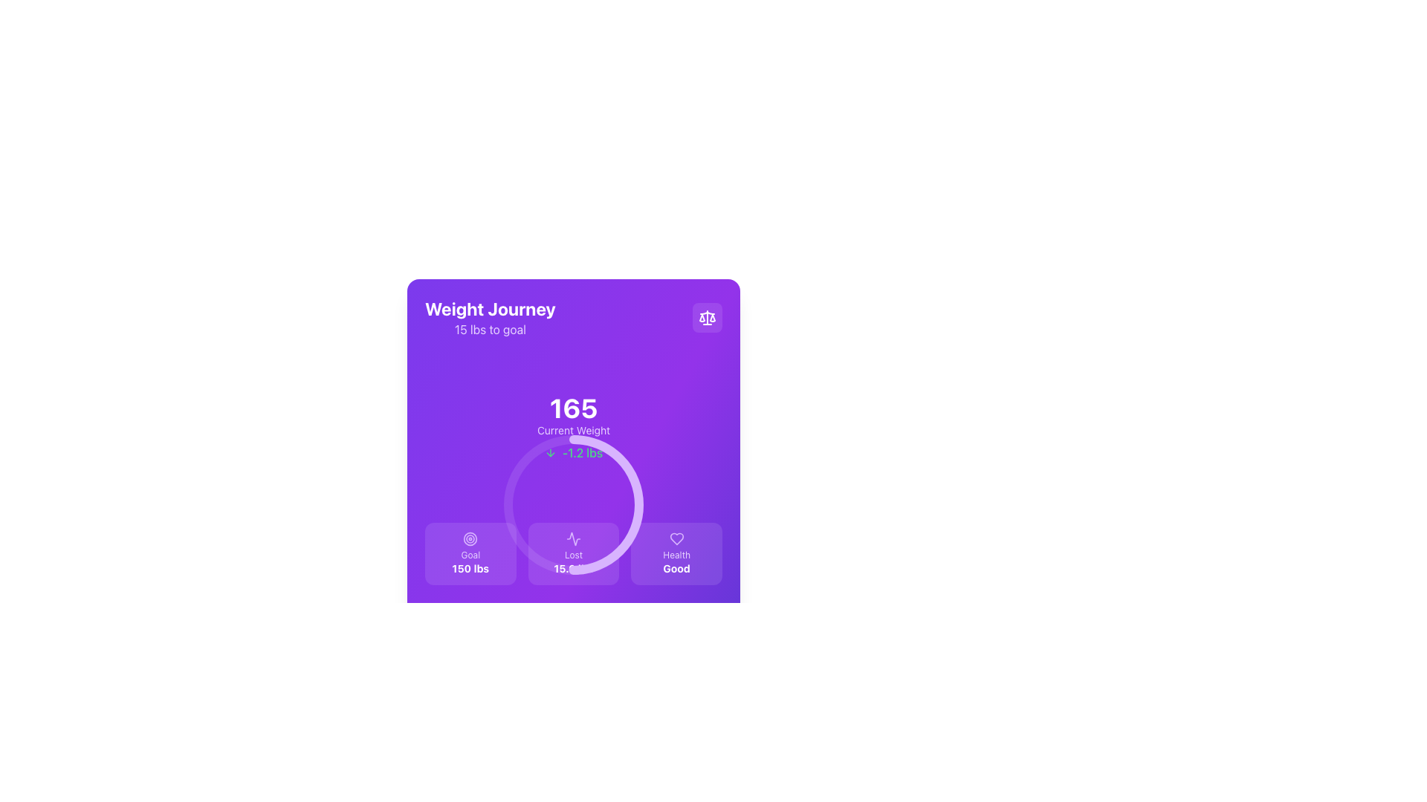 The width and height of the screenshot is (1427, 802). Describe the element at coordinates (470, 538) in the screenshot. I see `the graphical SVG element located at the center of the circular icon in the bottom-left corner of the weight management card` at that location.